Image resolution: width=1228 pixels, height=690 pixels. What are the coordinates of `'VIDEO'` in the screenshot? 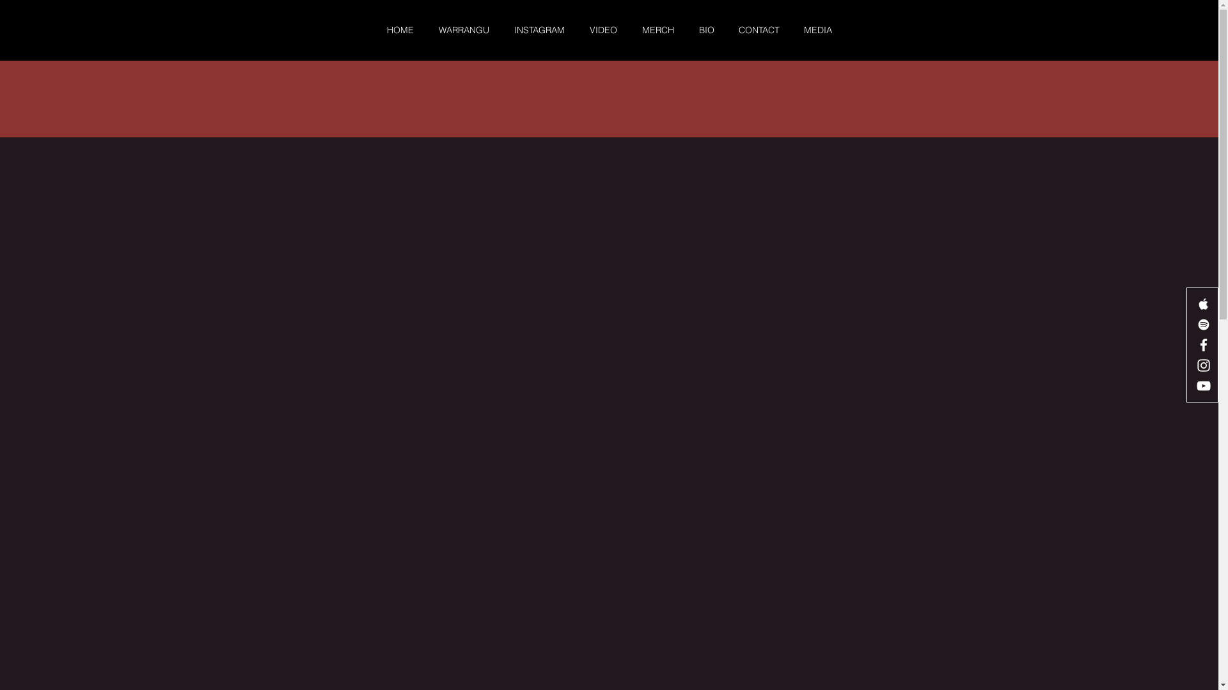 It's located at (602, 29).